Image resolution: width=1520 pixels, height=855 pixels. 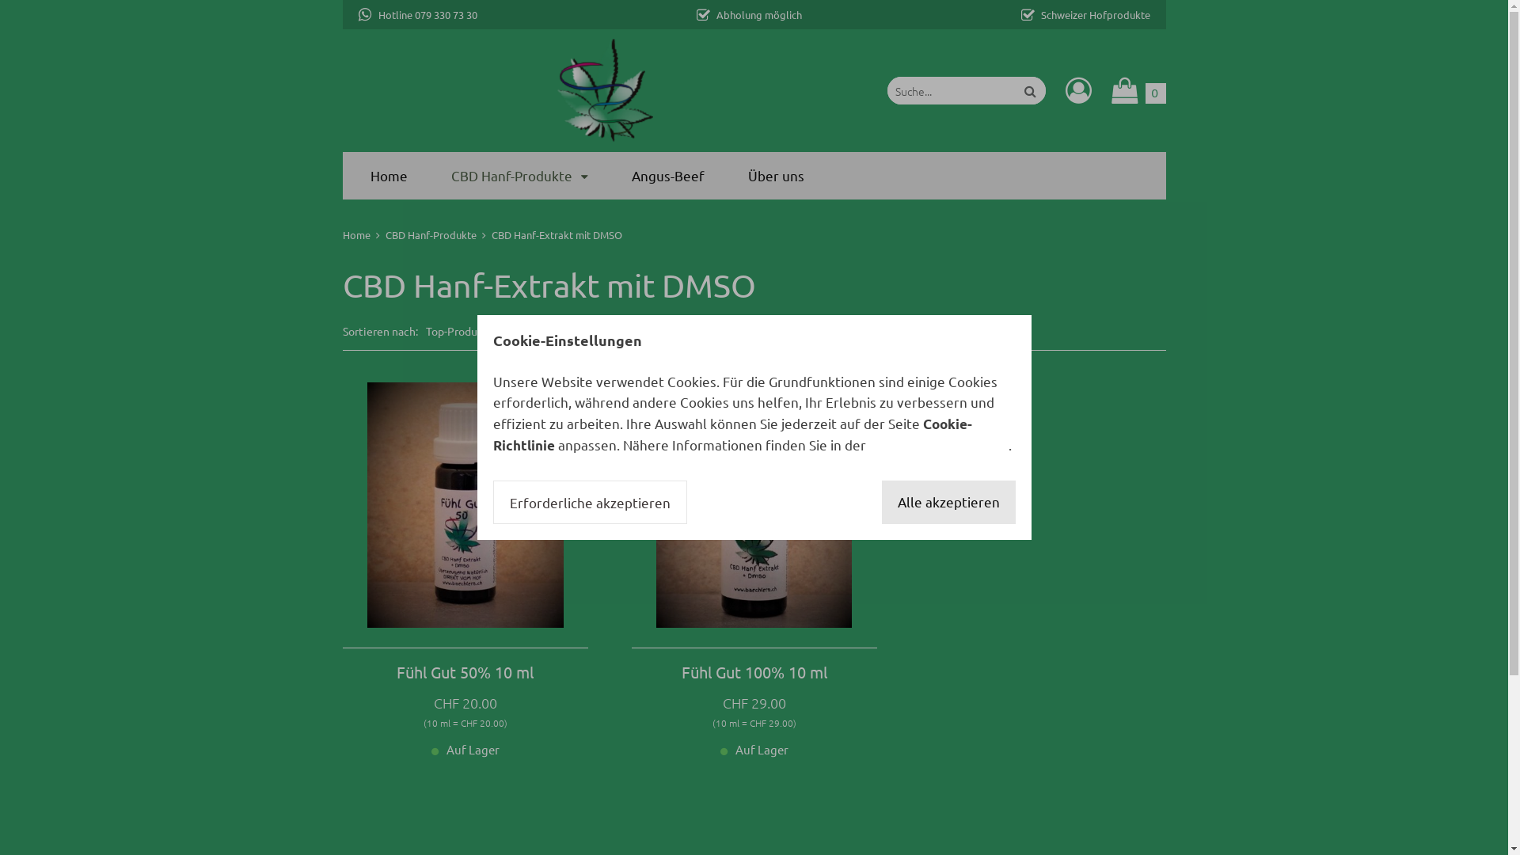 I want to click on 'Home', so click(x=341, y=234).